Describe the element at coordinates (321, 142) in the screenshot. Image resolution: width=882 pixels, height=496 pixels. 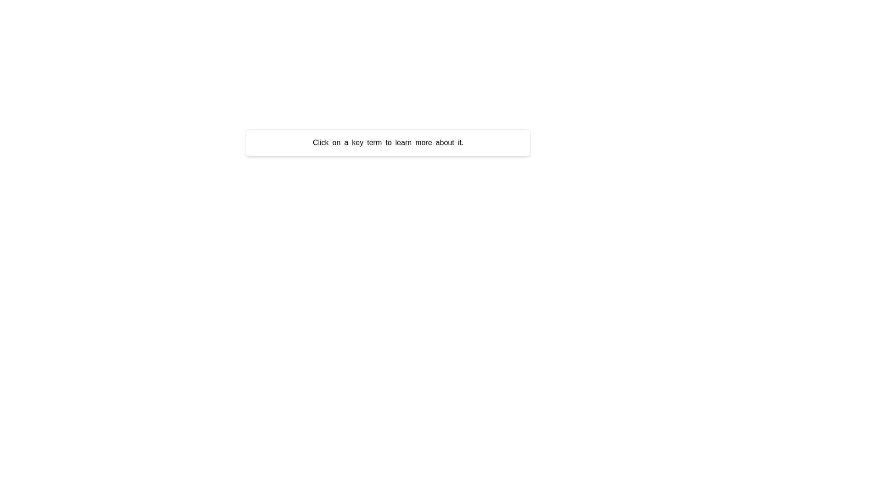
I see `the first word of the instructional sentence 'Click on a key term to learn more about it.' which is contained within a bordered white box` at that location.